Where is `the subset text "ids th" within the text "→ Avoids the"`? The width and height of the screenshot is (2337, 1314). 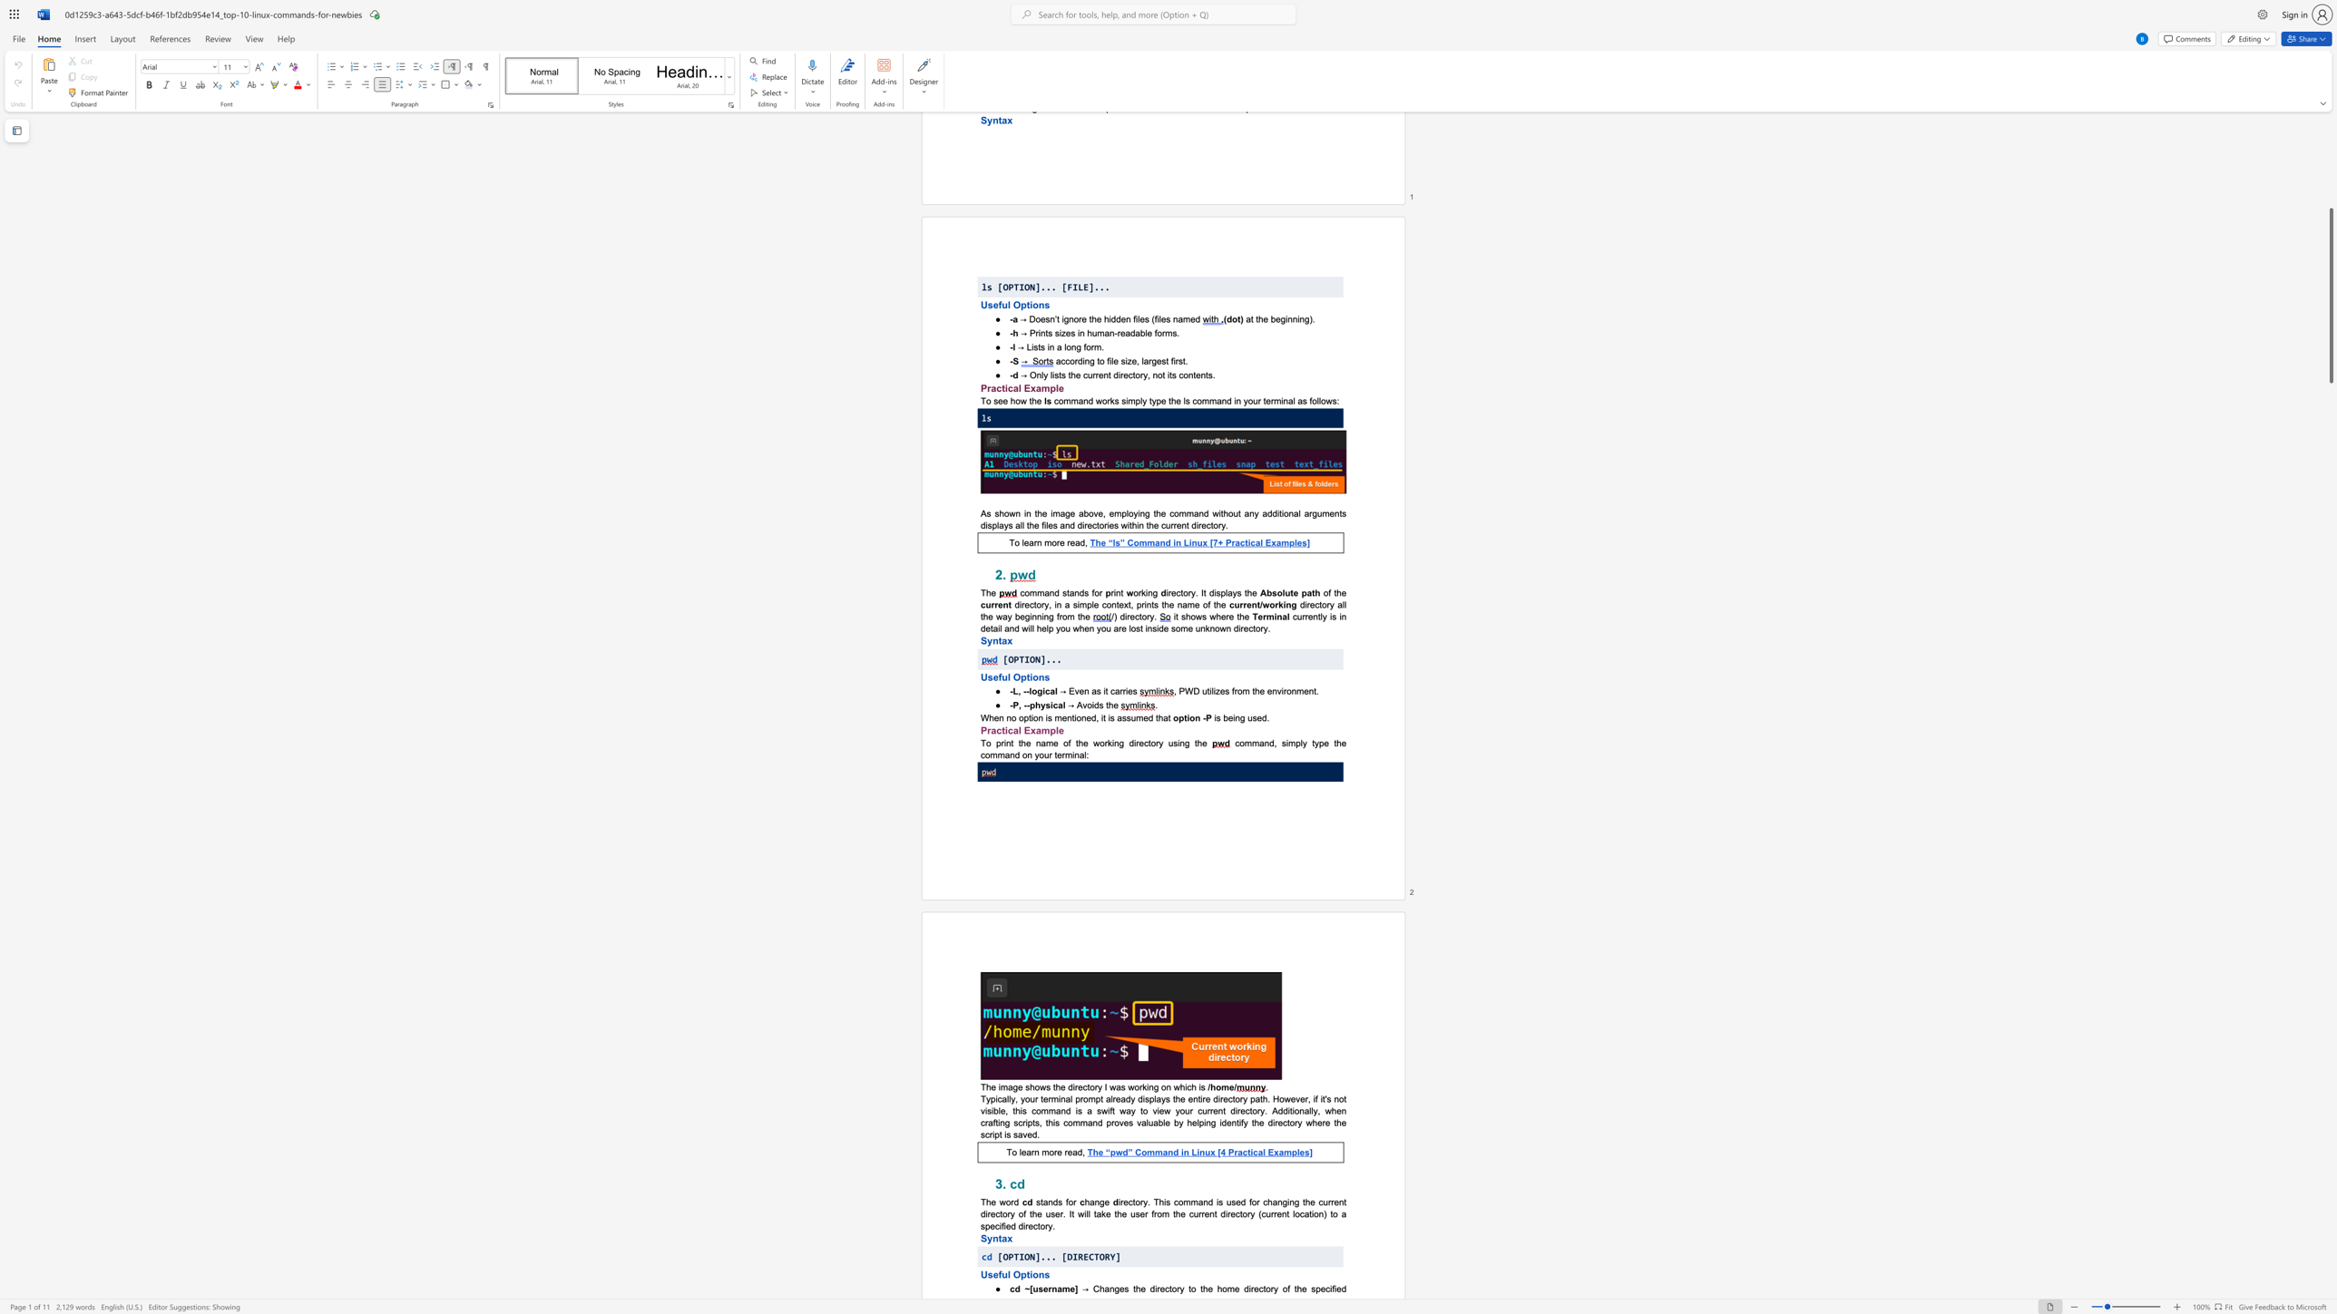
the subset text "ids th" within the text "→ Avoids the" is located at coordinates (1091, 704).